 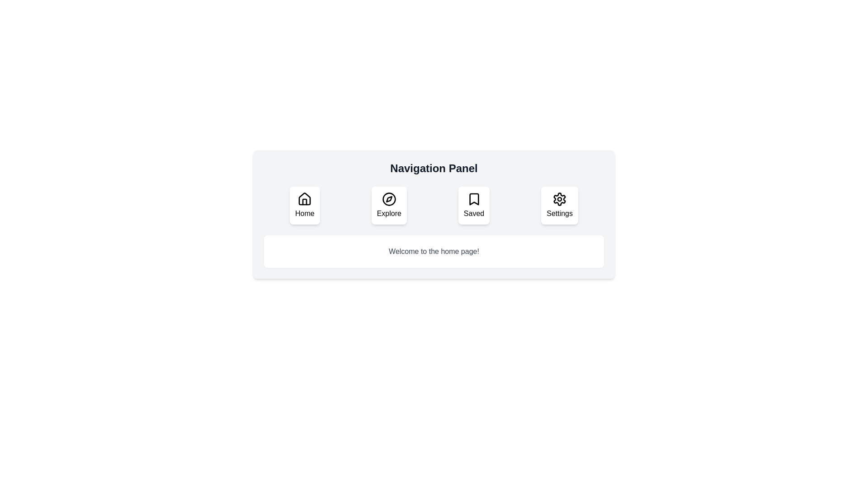 I want to click on the 'Saved' button in the navigation bar to observe the hover effect, so click(x=473, y=206).